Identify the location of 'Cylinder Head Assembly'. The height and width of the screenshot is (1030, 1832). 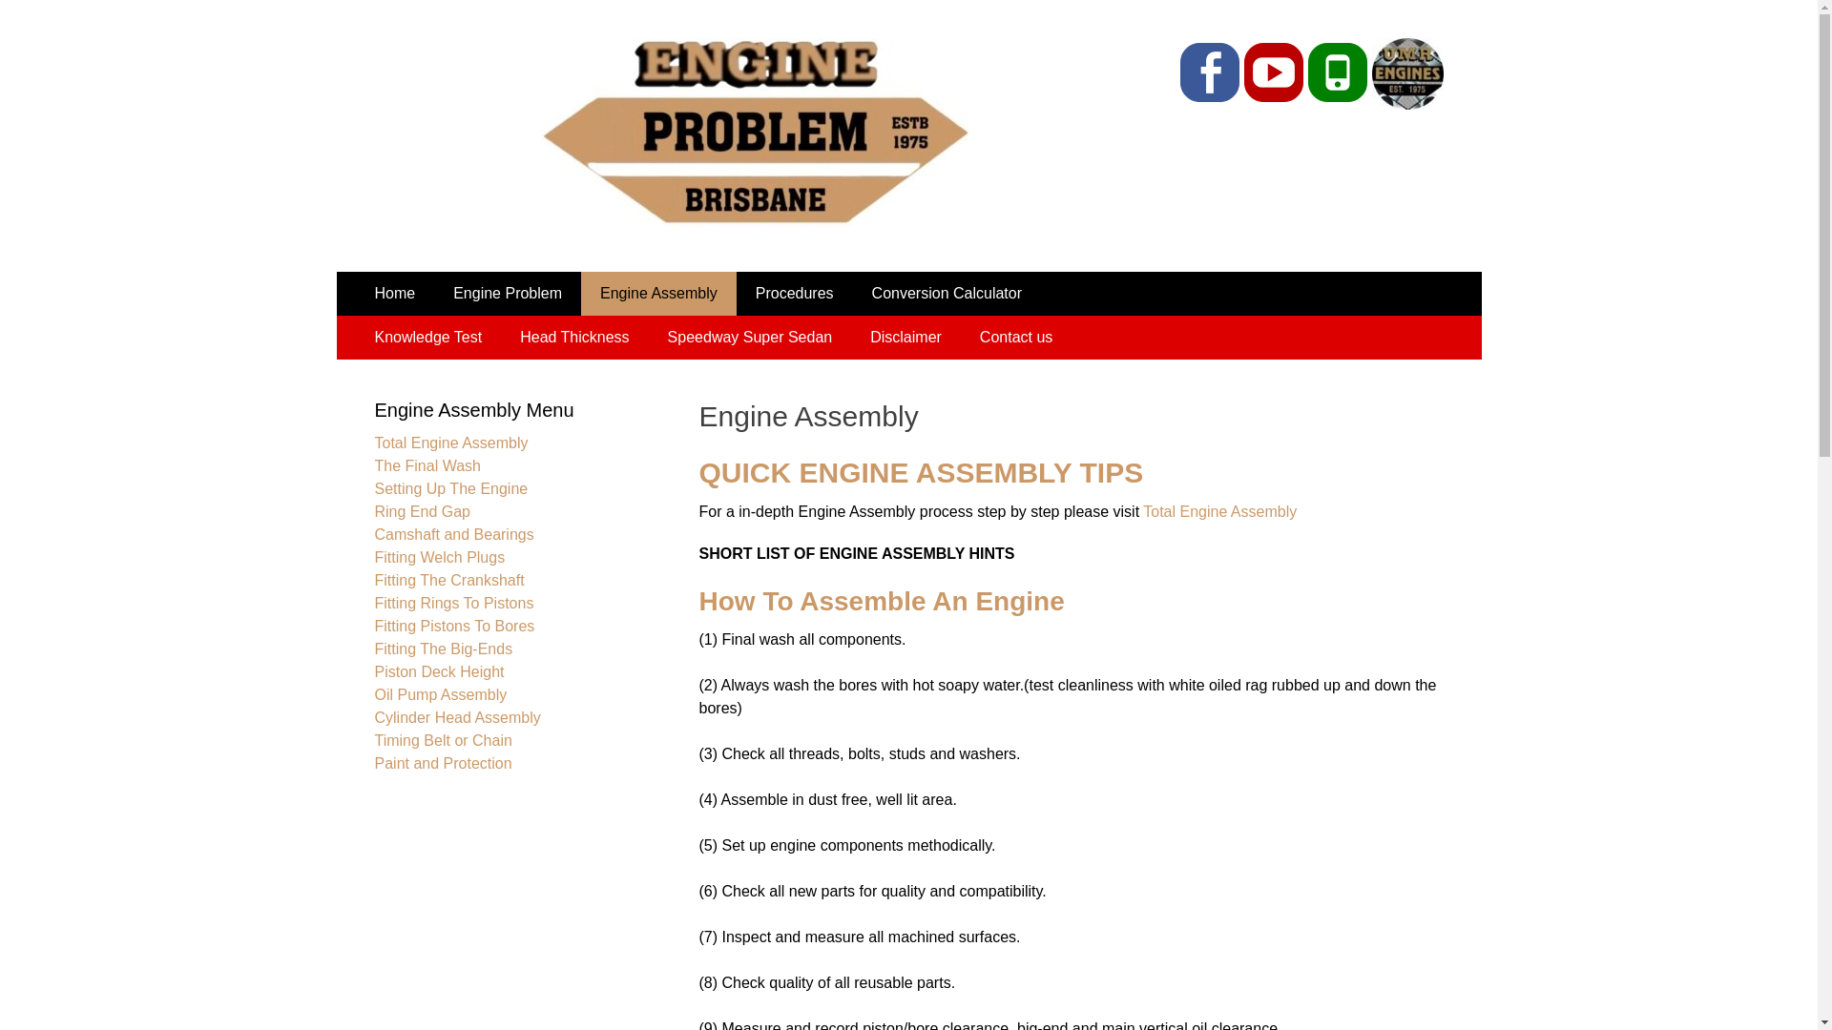
(456, 717).